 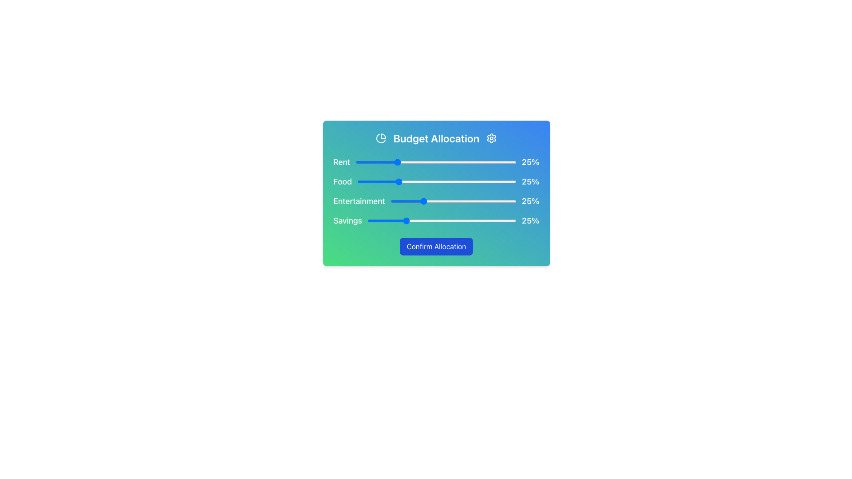 What do you see at coordinates (381, 138) in the screenshot?
I see `the minimalist outline pie chart icon located in the upper left portion of the 'Budget Allocation' component` at bounding box center [381, 138].